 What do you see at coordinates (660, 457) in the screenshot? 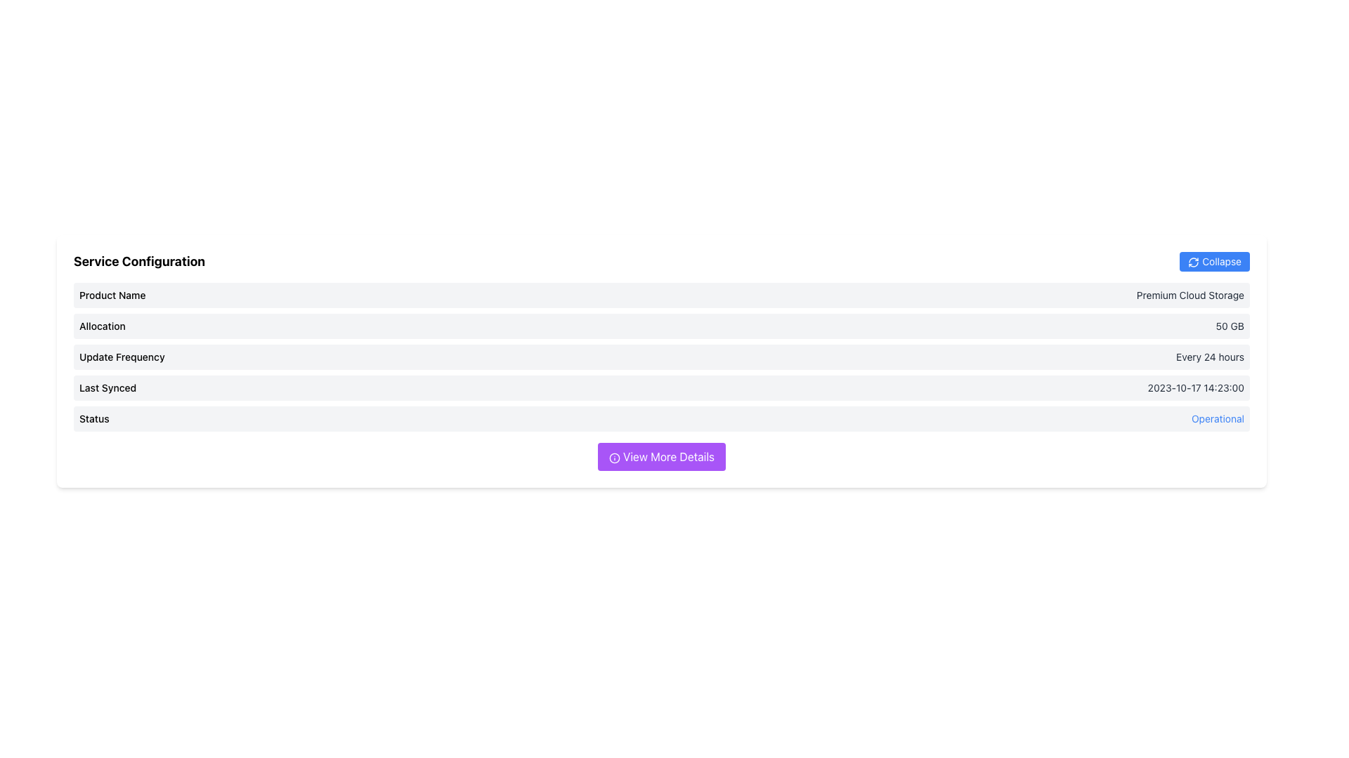
I see `the purple button labeled 'View More Details' with a rounded edge located at the bottom-center of the 'Service Configuration' section` at bounding box center [660, 457].